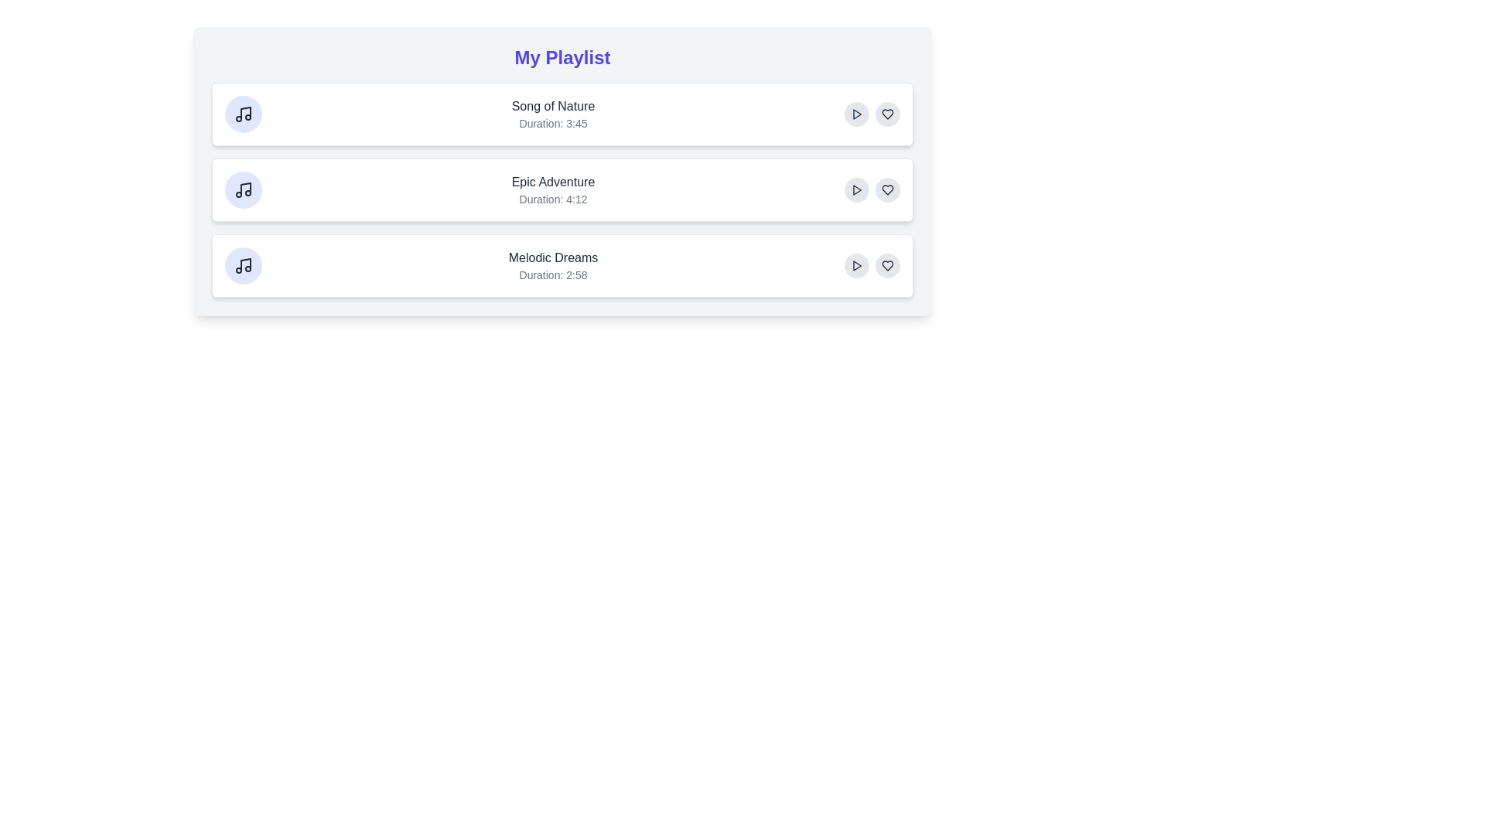 This screenshot has height=835, width=1485. I want to click on the play button of the Song of Nature track, so click(856, 113).